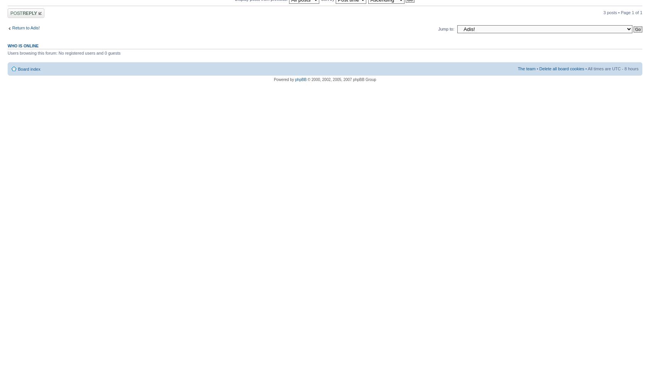  What do you see at coordinates (446, 28) in the screenshot?
I see `'Jump to:'` at bounding box center [446, 28].